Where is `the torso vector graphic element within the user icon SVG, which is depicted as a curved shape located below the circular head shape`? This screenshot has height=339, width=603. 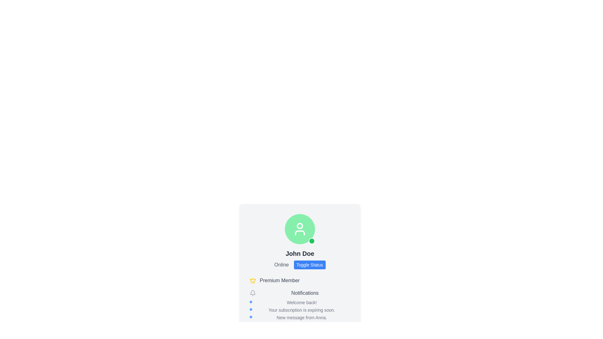
the torso vector graphic element within the user icon SVG, which is depicted as a curved shape located below the circular head shape is located at coordinates (300, 233).